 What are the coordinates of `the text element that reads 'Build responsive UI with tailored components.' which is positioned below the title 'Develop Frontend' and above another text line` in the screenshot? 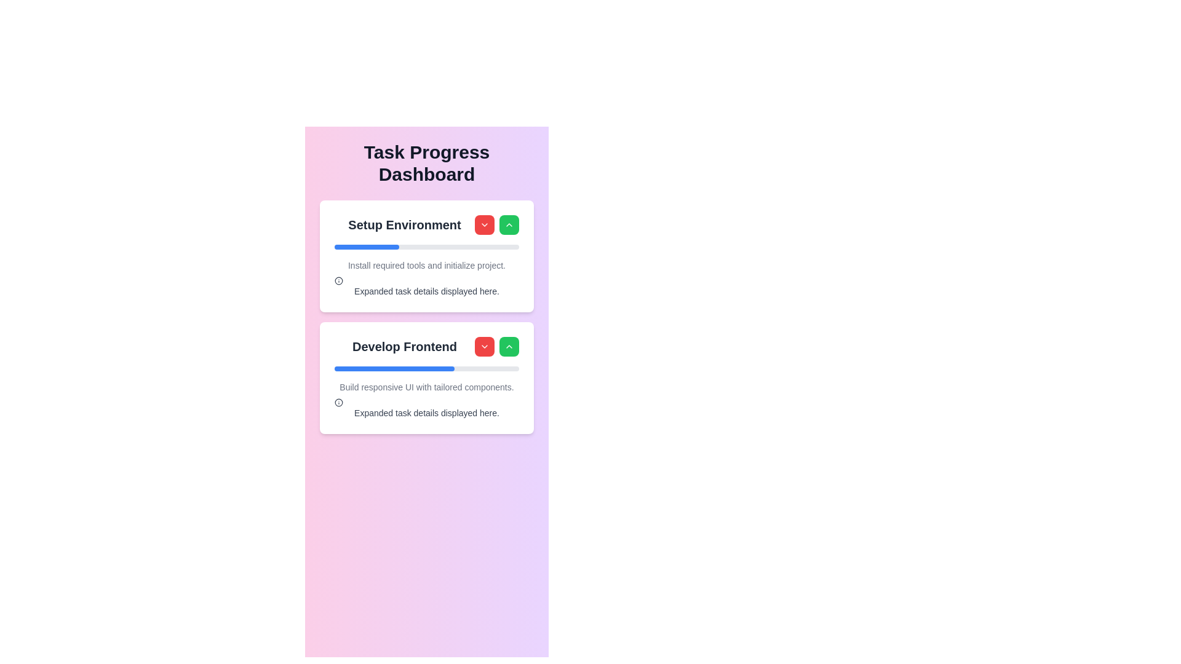 It's located at (427, 386).